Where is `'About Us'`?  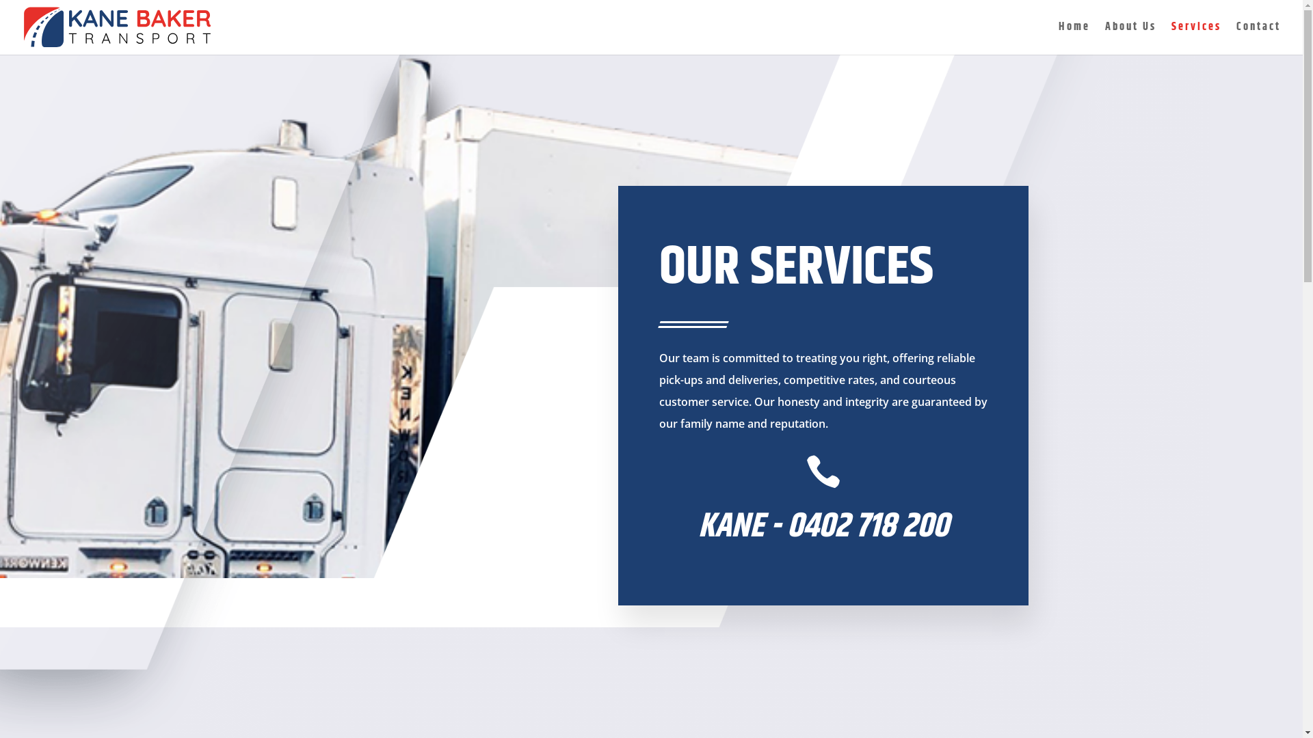 'About Us' is located at coordinates (1130, 38).